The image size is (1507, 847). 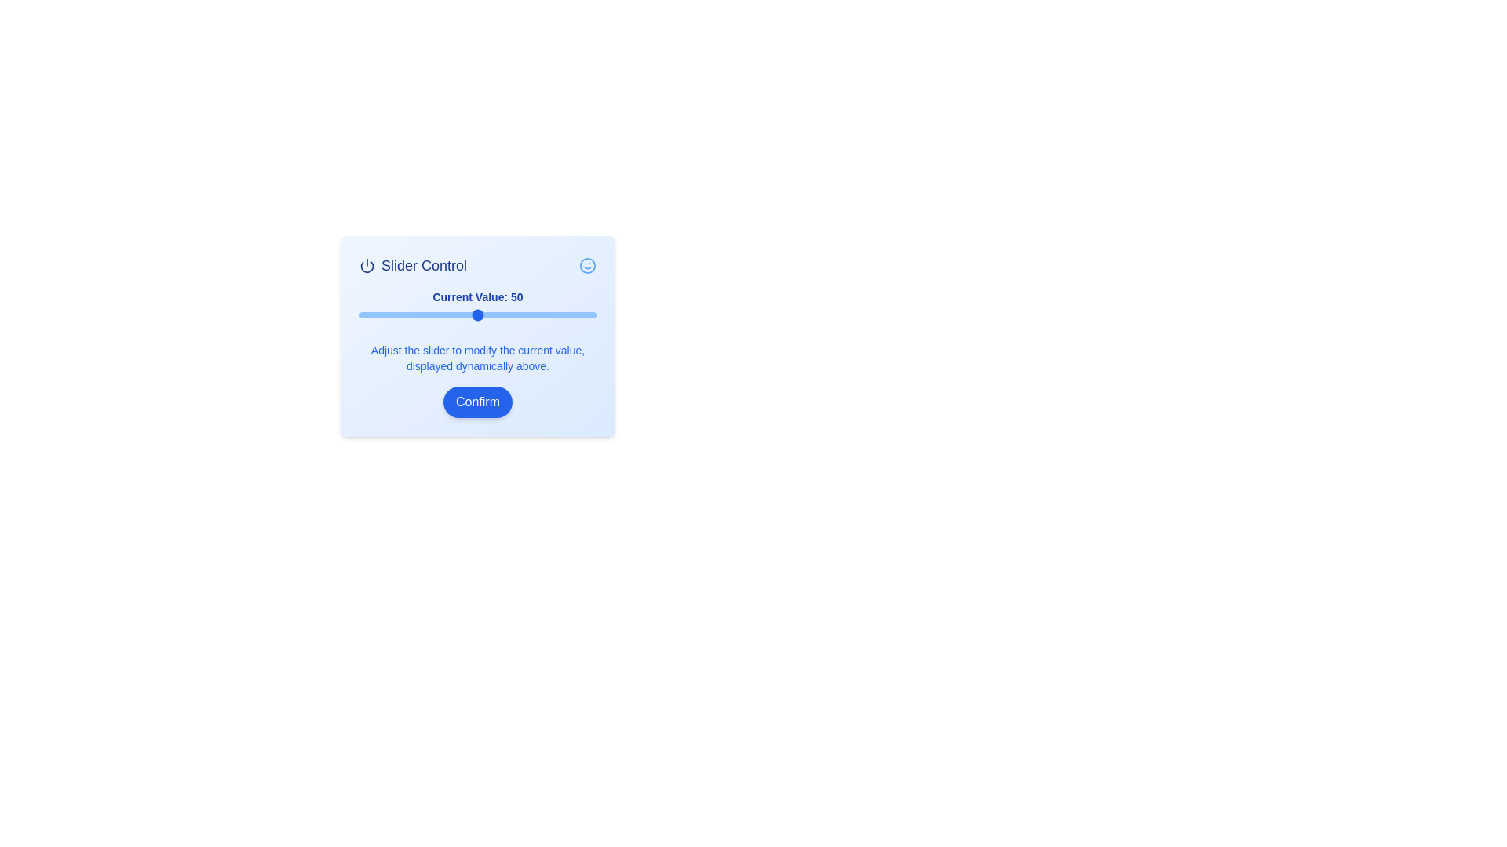 I want to click on the slider value, so click(x=460, y=314).